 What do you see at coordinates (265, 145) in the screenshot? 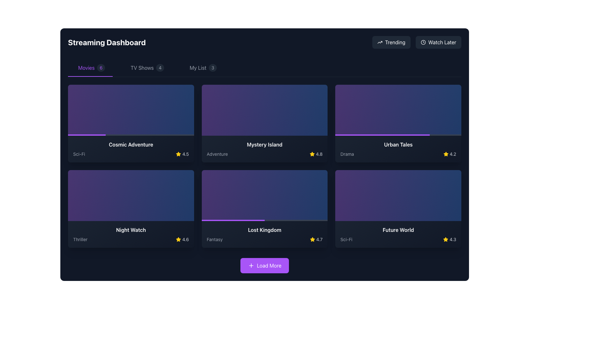
I see `the static text label displaying 'Mystery Island' located in the second column of the top row in the grid layout` at bounding box center [265, 145].